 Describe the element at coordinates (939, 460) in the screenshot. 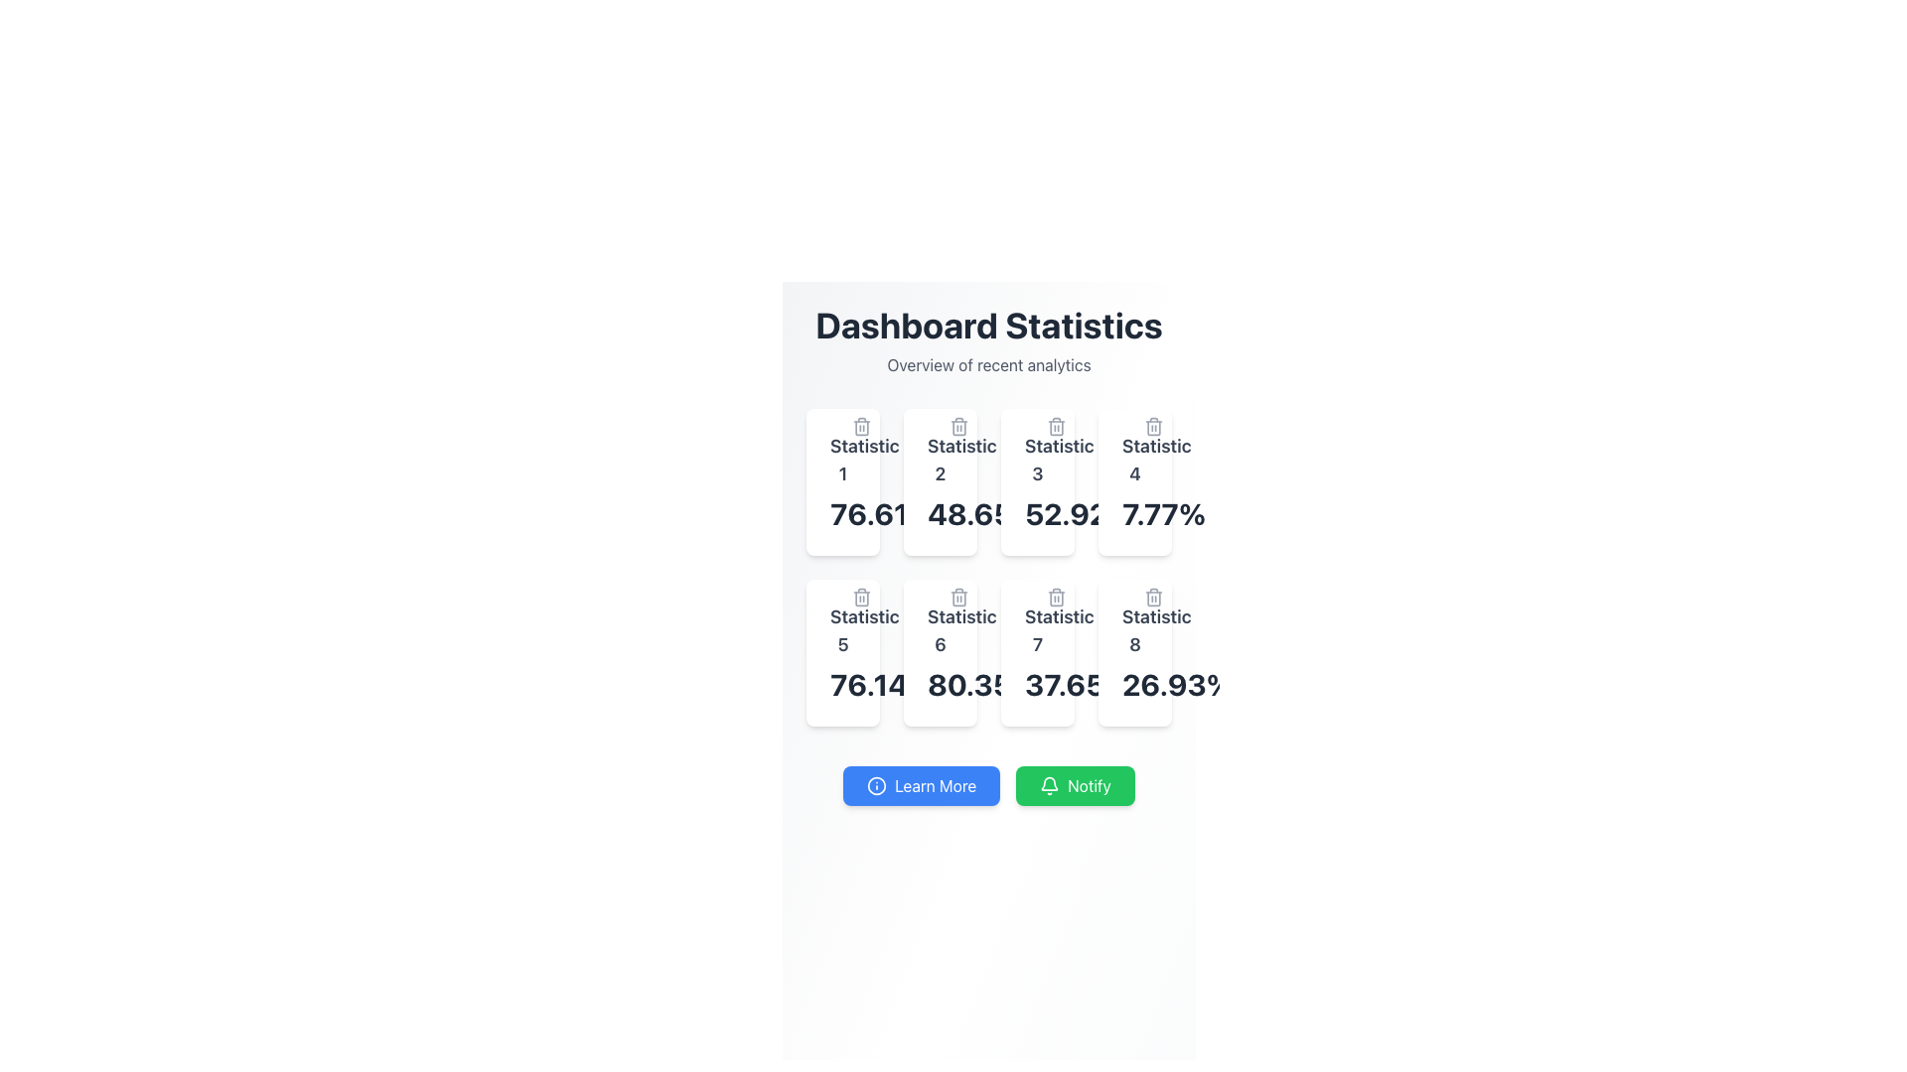

I see `the Text label in the second card of the grid layout that indicates the context or category of the statistical data, positioned directly above the text '48.65%'` at that location.